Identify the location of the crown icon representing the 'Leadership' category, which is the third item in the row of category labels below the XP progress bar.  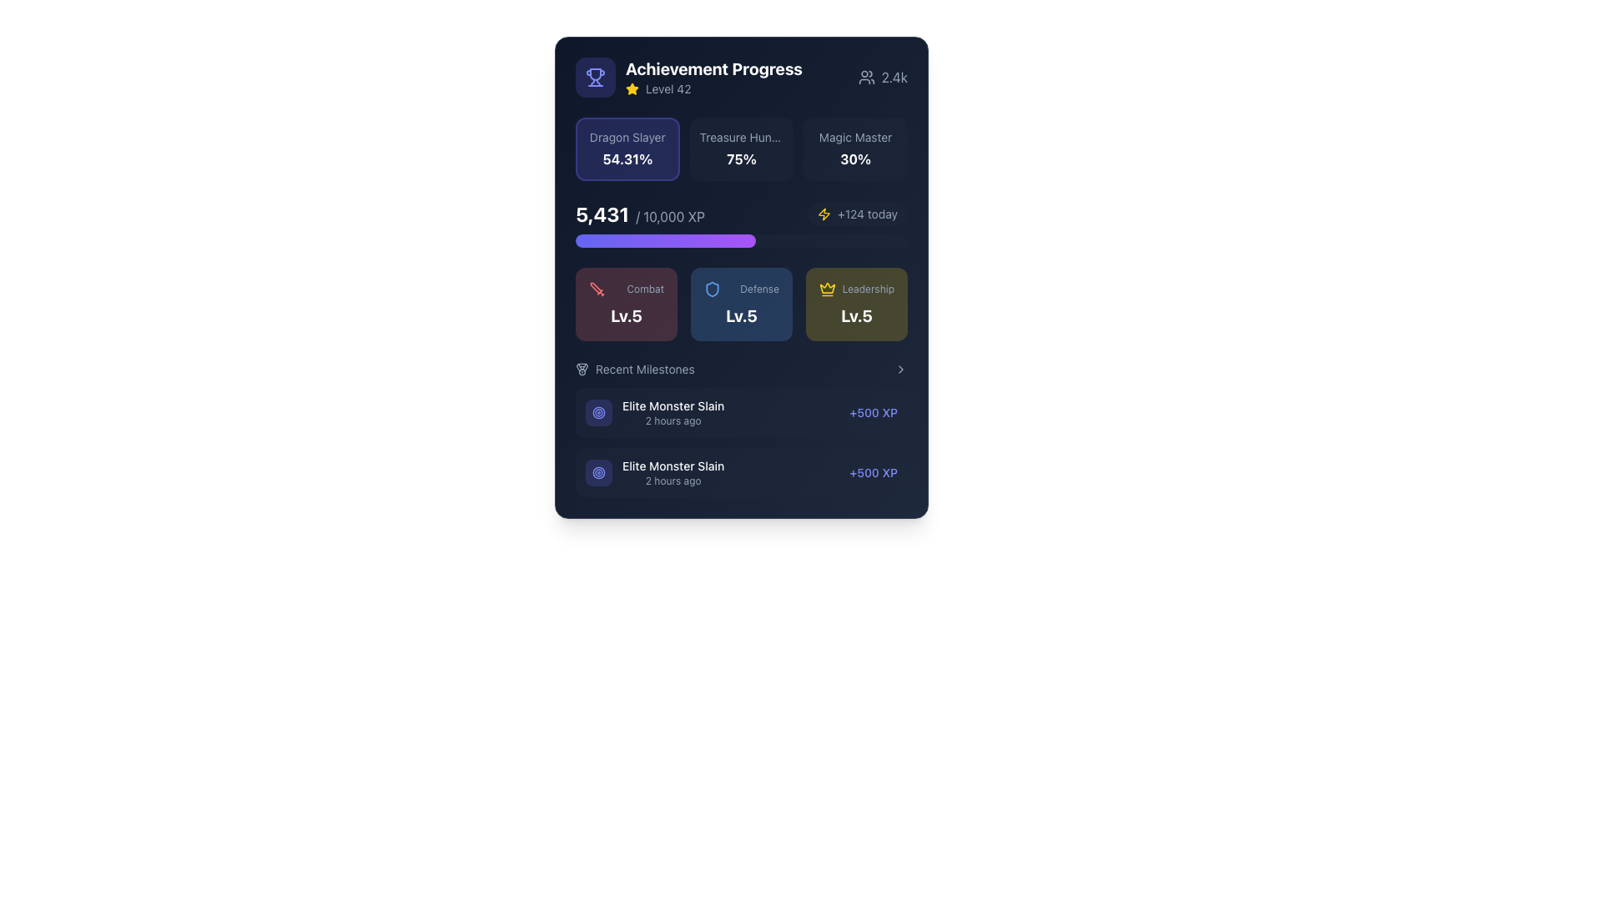
(828, 289).